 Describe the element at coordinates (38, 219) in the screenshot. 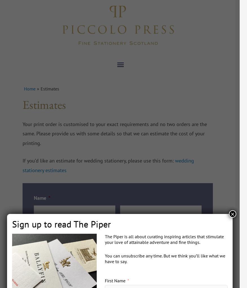

I see `'First'` at that location.